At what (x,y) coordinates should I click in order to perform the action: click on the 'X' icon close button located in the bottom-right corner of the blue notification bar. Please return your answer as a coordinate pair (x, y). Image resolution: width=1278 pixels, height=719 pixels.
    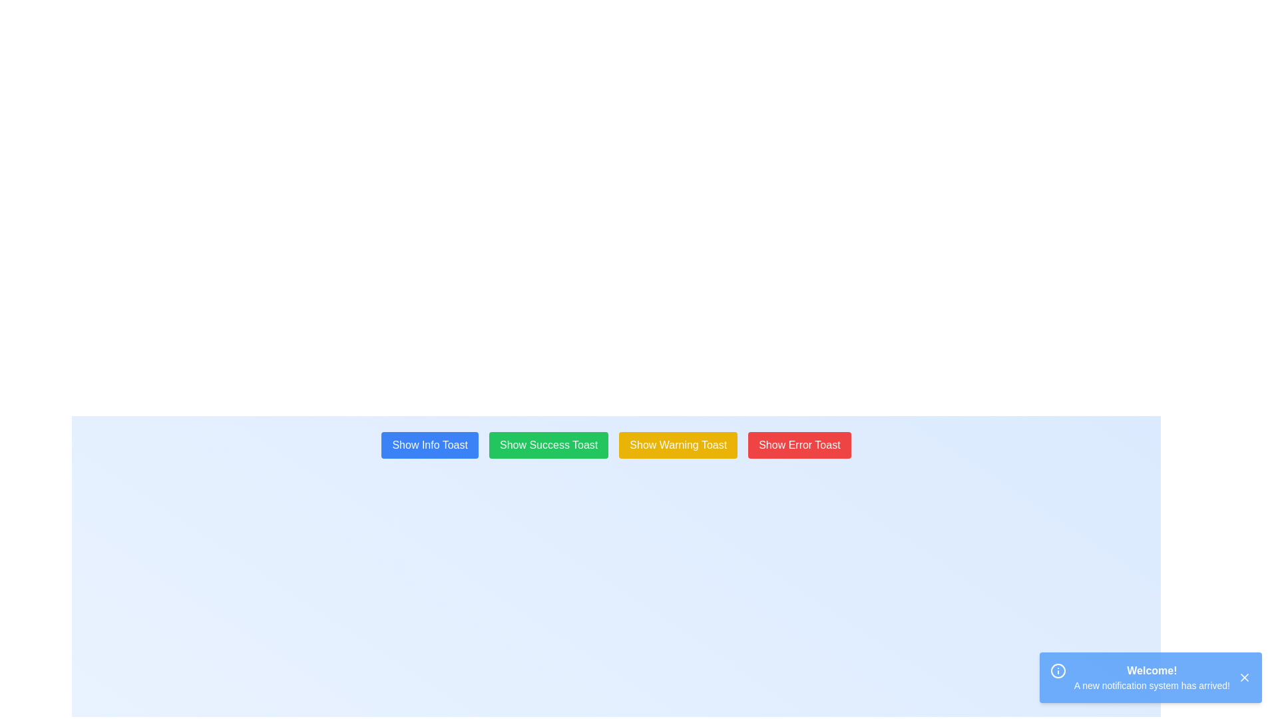
    Looking at the image, I should click on (1244, 678).